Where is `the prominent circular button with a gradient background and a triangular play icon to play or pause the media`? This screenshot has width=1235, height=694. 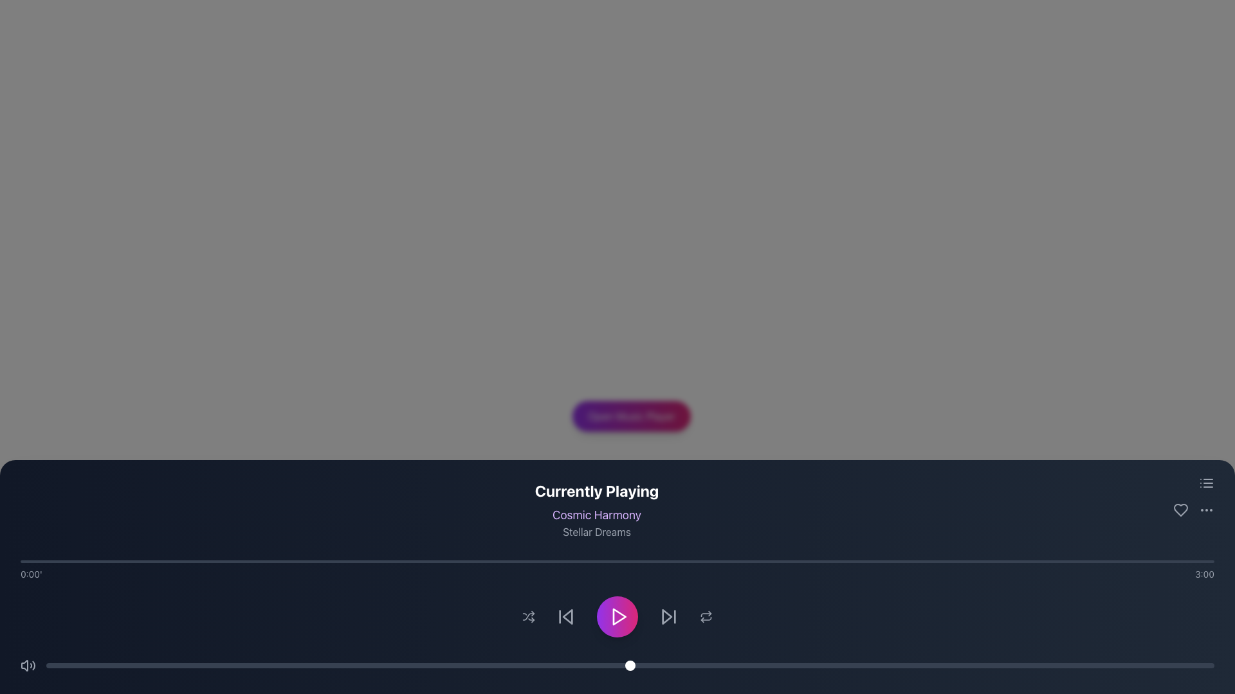 the prominent circular button with a gradient background and a triangular play icon to play or pause the media is located at coordinates (617, 616).